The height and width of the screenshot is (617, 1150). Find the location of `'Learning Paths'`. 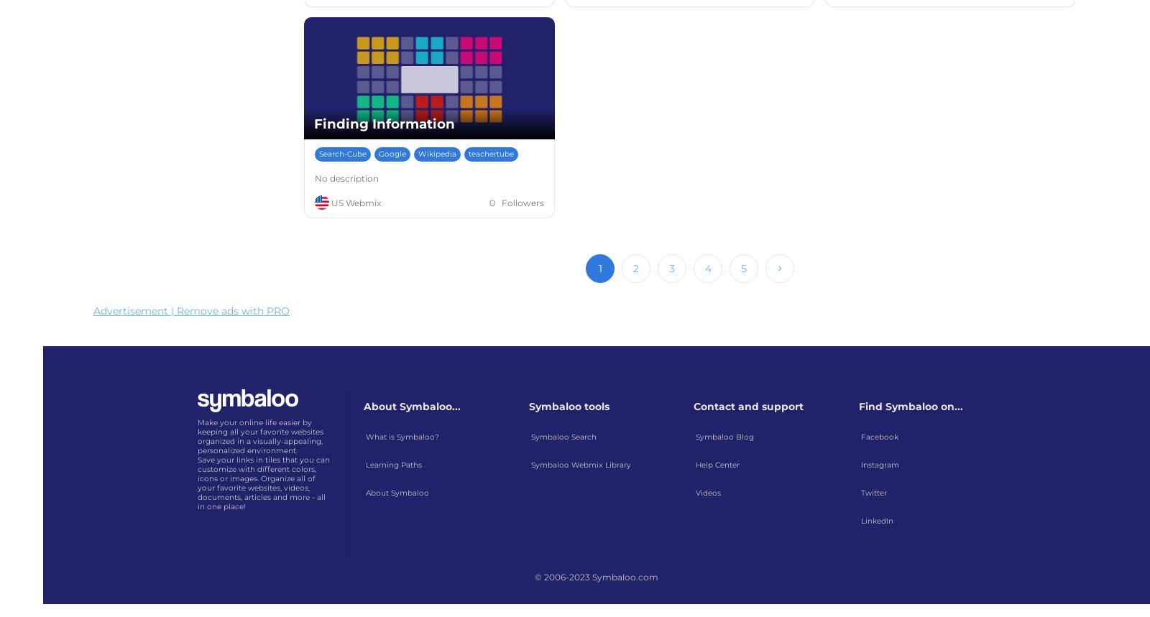

'Learning Paths' is located at coordinates (392, 464).